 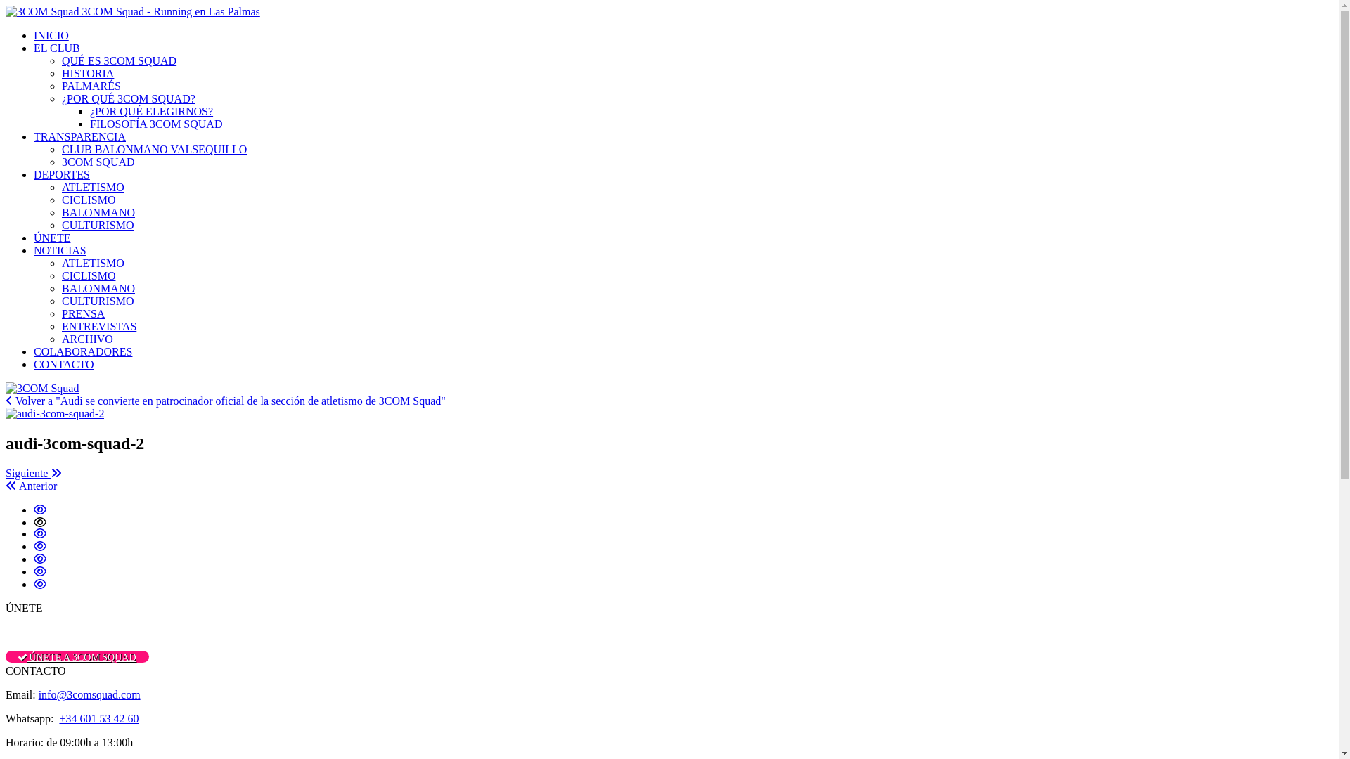 I want to click on 'Siguiente', so click(x=34, y=473).